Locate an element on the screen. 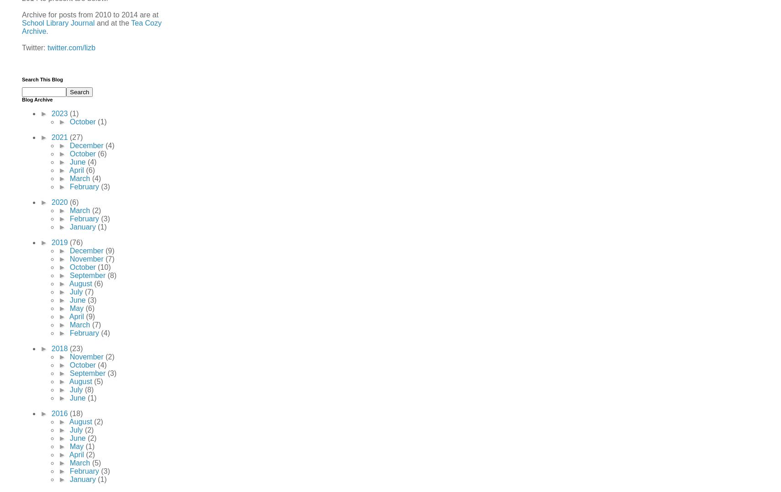  '2016' is located at coordinates (59, 412).